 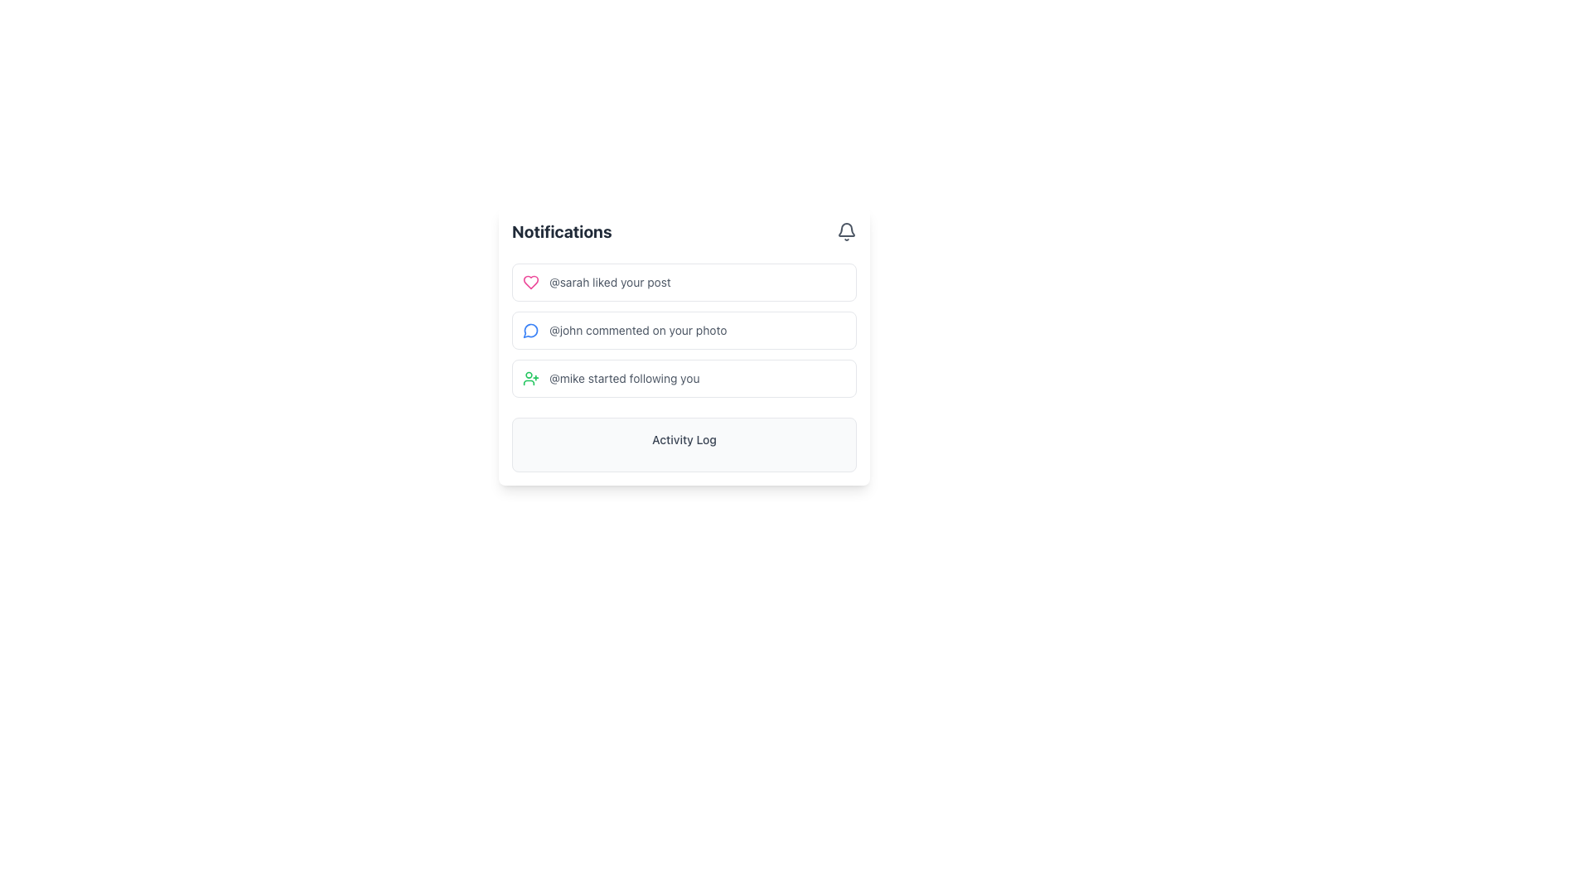 What do you see at coordinates (684, 439) in the screenshot?
I see `the 'Activity Log' label located in the notifications section, which is styled with a medium-weight font and dark gray color, positioned above a scrollable area` at bounding box center [684, 439].